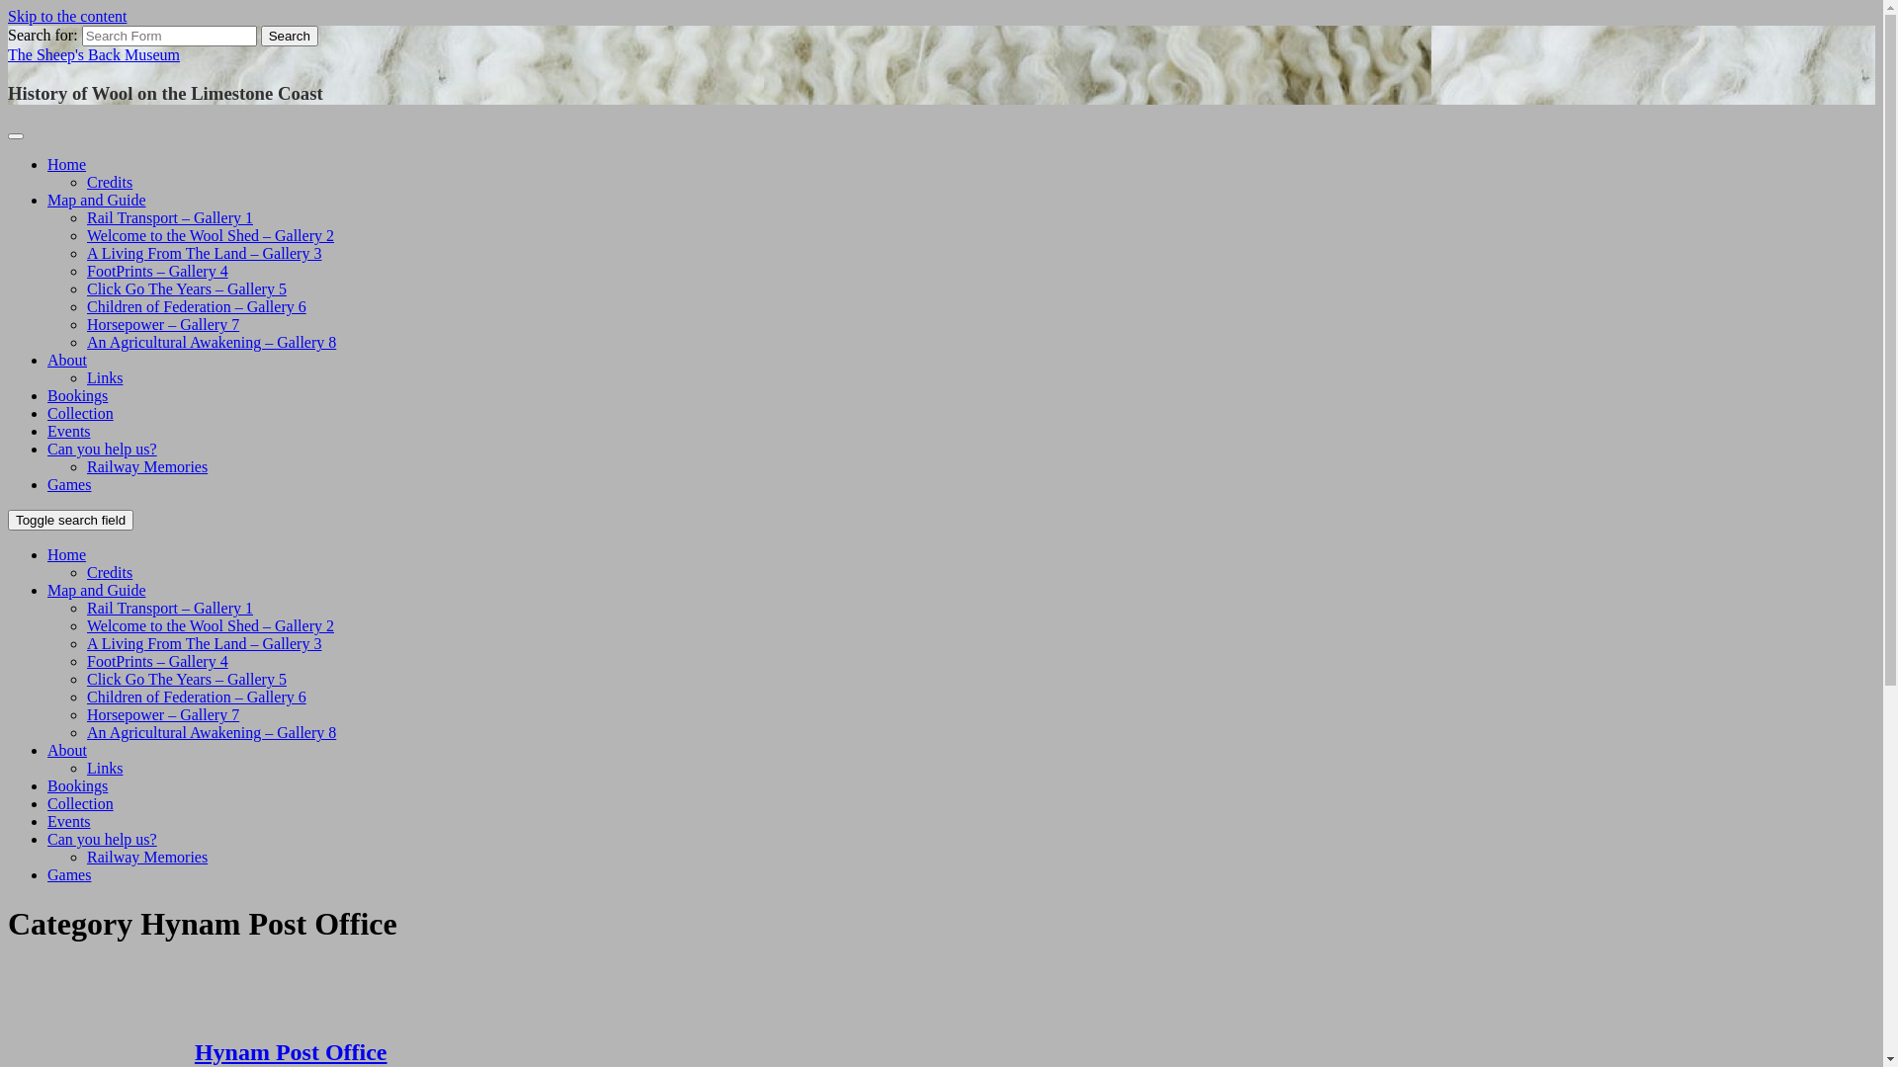 This screenshot has height=1067, width=1898. I want to click on 'Can you help us?', so click(101, 839).